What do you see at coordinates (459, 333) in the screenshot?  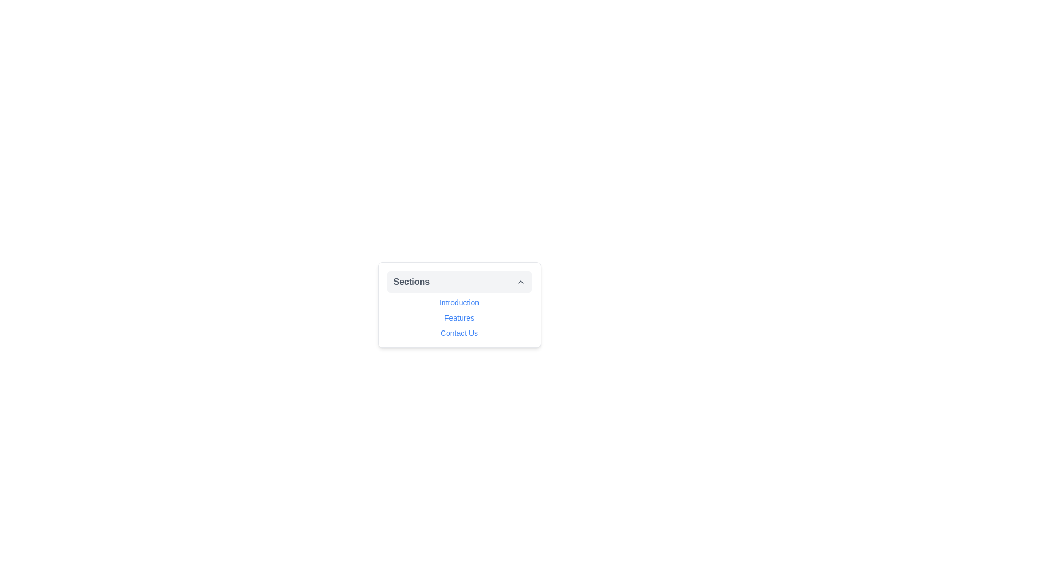 I see `the 'Contact Us' hyperlink, which is styled with blue text and underlining` at bounding box center [459, 333].